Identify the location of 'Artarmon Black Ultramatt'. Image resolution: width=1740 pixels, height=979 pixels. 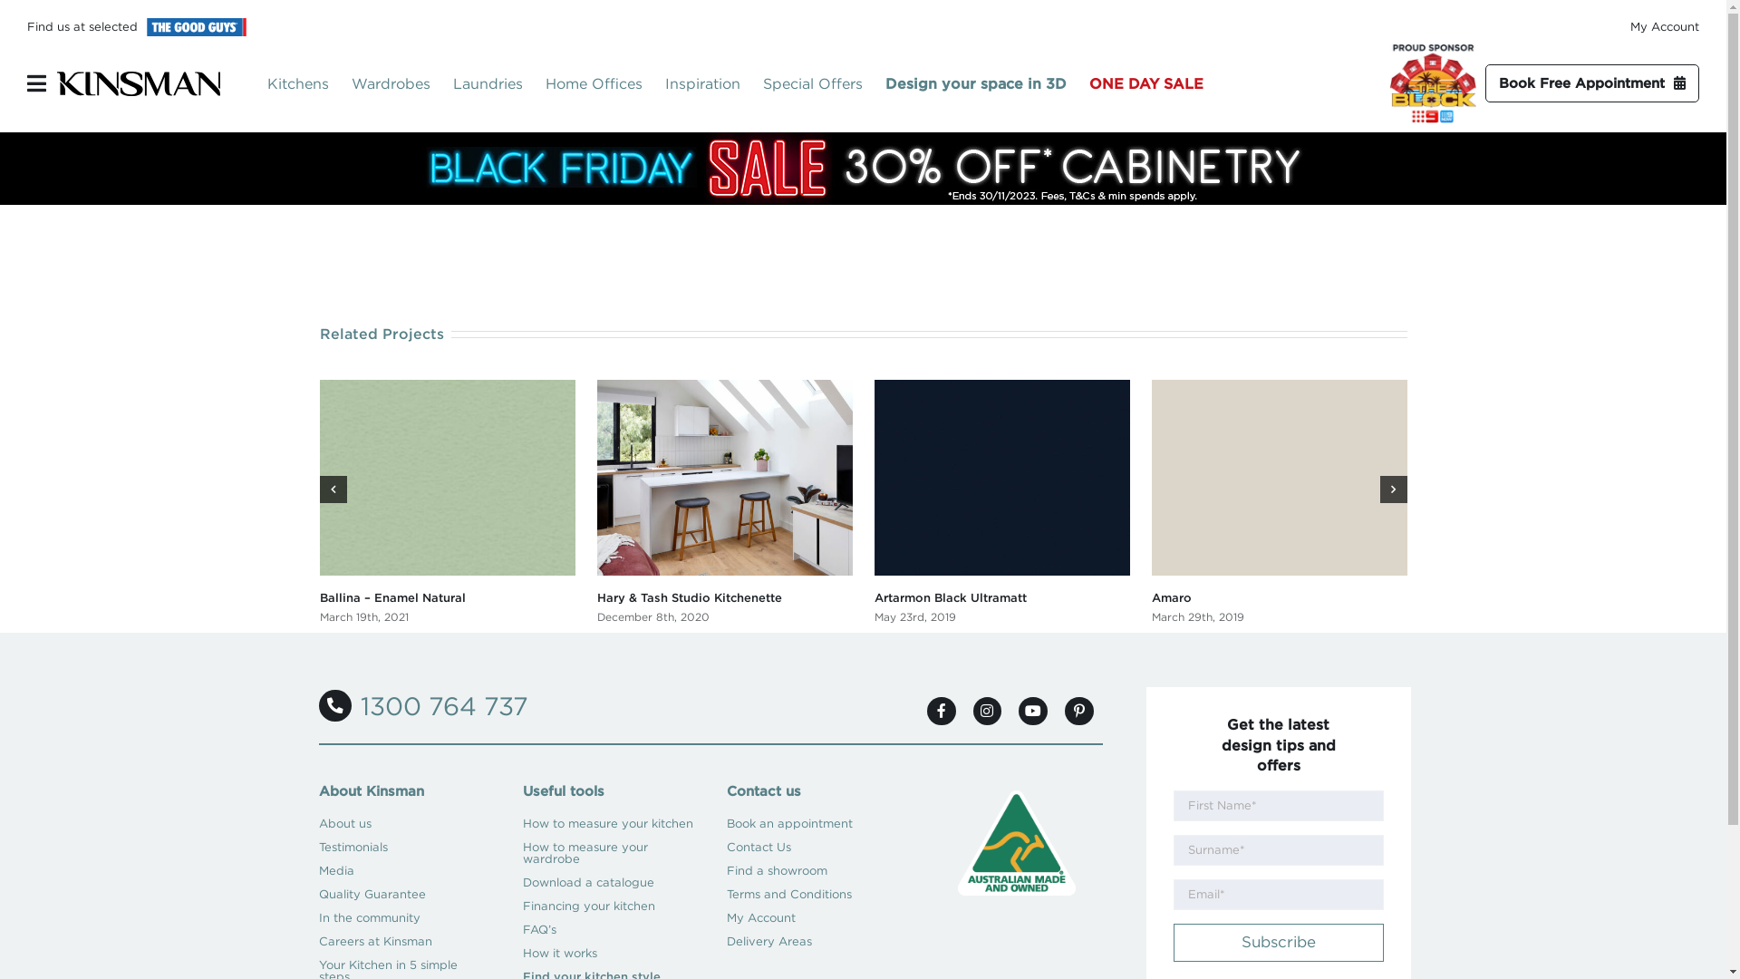
(948, 597).